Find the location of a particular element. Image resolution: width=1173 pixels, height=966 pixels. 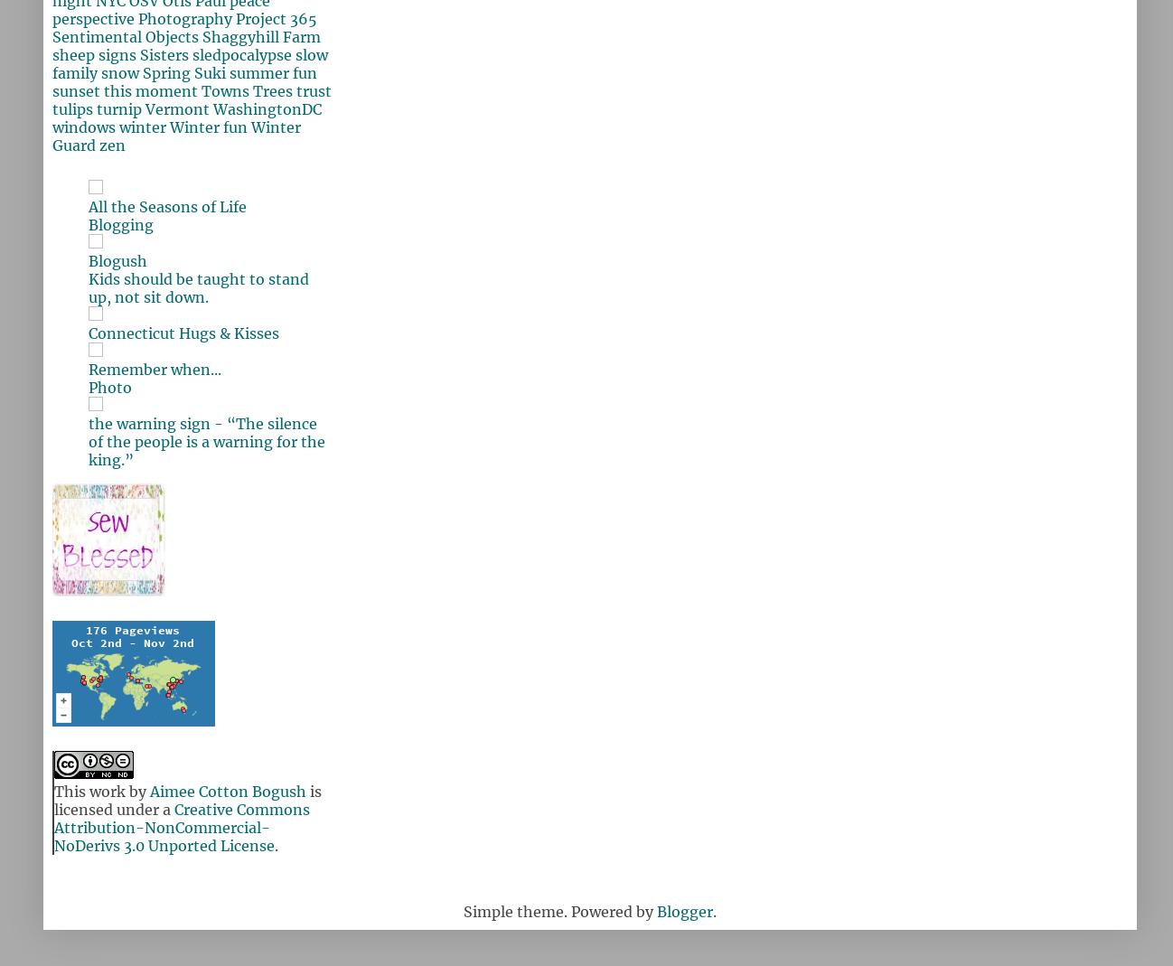

'sheep' is located at coordinates (73, 54).